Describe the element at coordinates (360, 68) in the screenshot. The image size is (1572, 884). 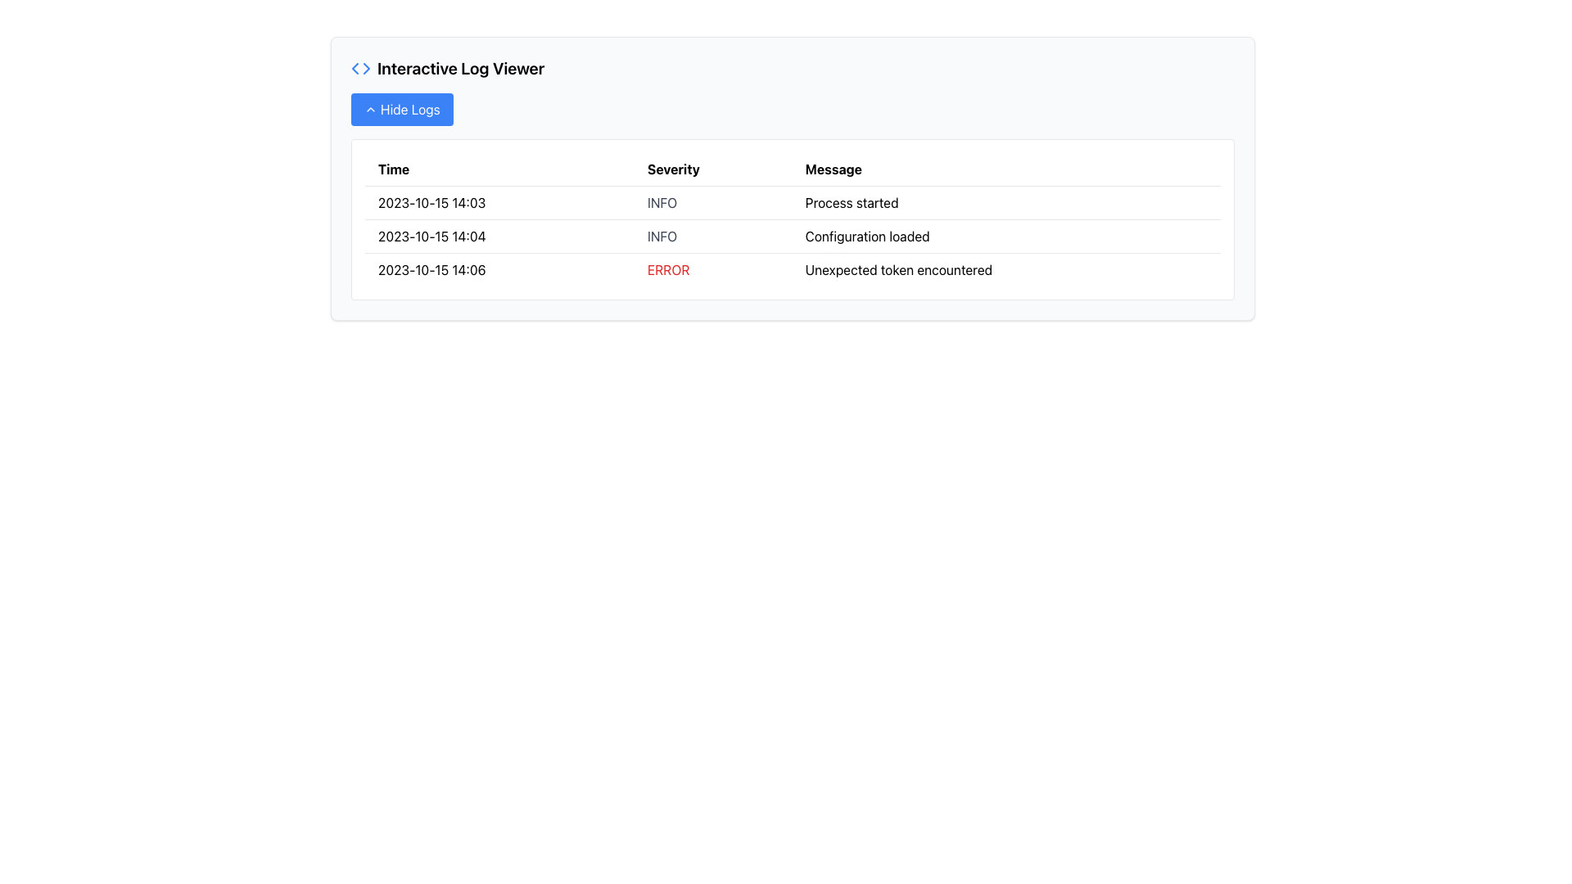
I see `the decorative icon located on the left side of the title text 'Interactive Log Viewer' in the header section` at that location.